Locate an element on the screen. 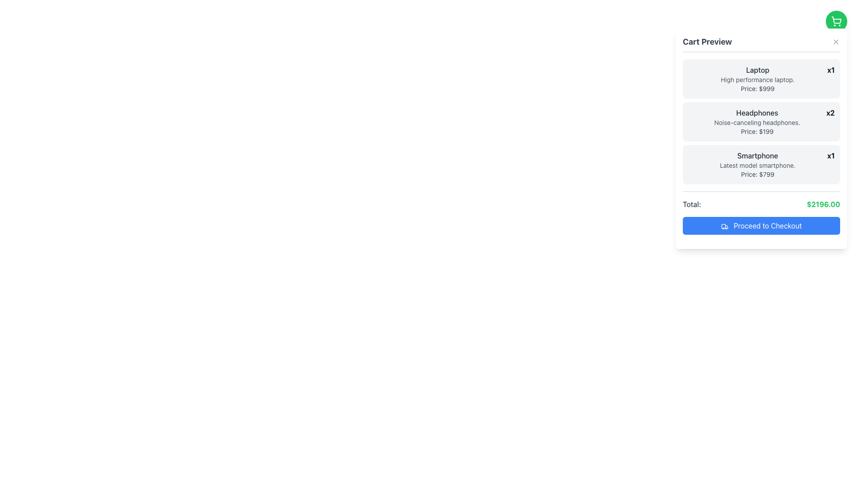 This screenshot has width=858, height=482. the primary action button located at the bottom of the cart preview panel to proceed to checkout is located at coordinates (761, 225).